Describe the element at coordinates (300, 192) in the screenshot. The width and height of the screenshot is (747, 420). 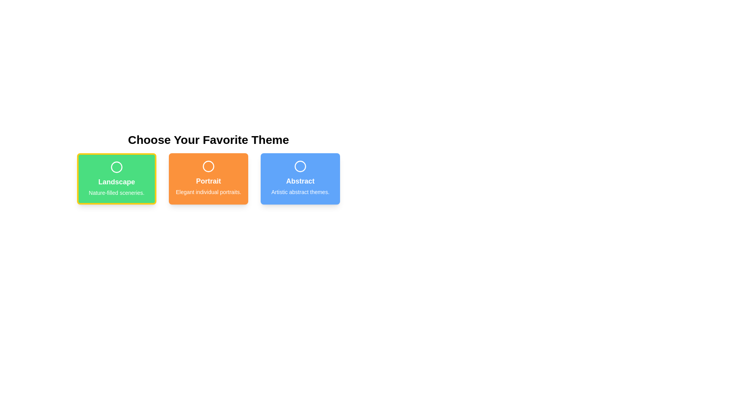
I see `the text element that provides a description or subtitle for the card labeled 'Abstract' located at the bottom section of the third card in a horizontal list` at that location.